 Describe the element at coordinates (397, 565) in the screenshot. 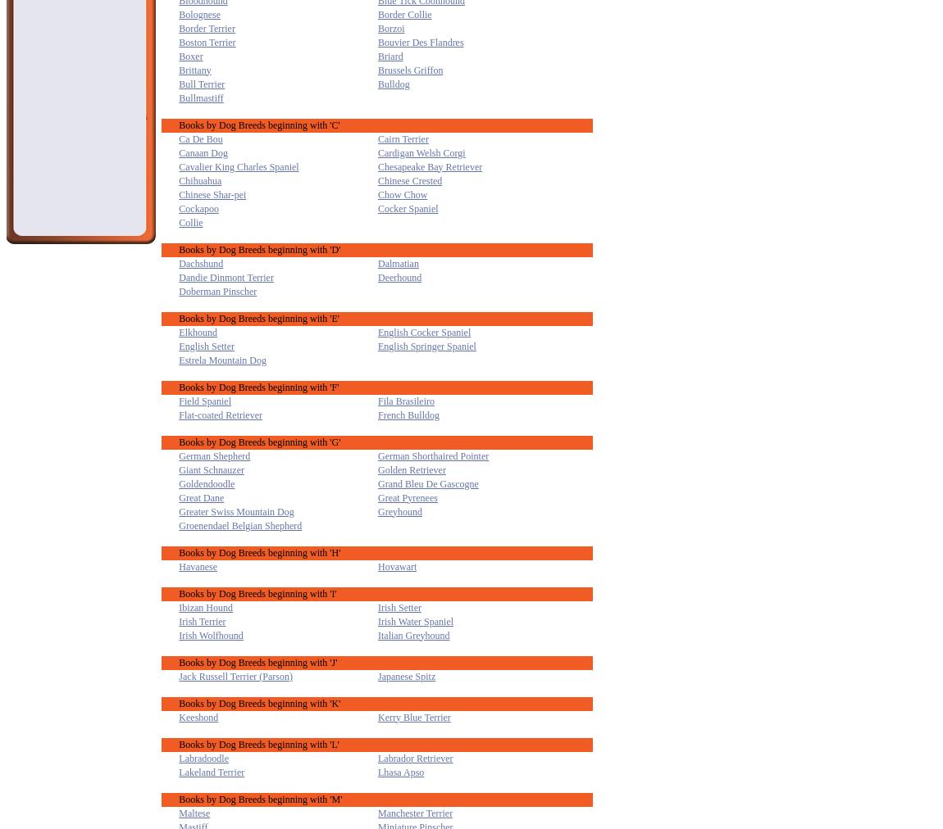

I see `'Hovawart'` at that location.